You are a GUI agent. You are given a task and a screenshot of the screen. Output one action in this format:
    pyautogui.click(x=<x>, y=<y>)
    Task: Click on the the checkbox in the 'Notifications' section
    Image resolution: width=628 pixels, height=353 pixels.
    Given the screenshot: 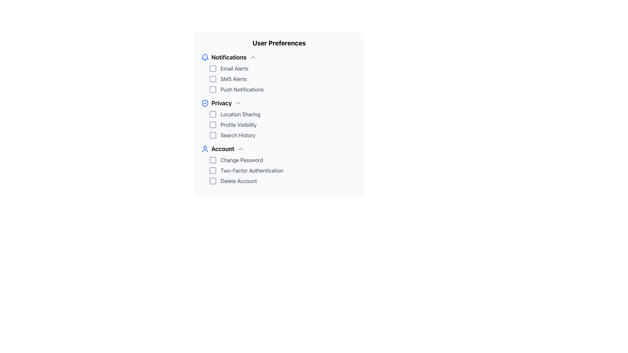 What is the action you would take?
    pyautogui.click(x=283, y=89)
    